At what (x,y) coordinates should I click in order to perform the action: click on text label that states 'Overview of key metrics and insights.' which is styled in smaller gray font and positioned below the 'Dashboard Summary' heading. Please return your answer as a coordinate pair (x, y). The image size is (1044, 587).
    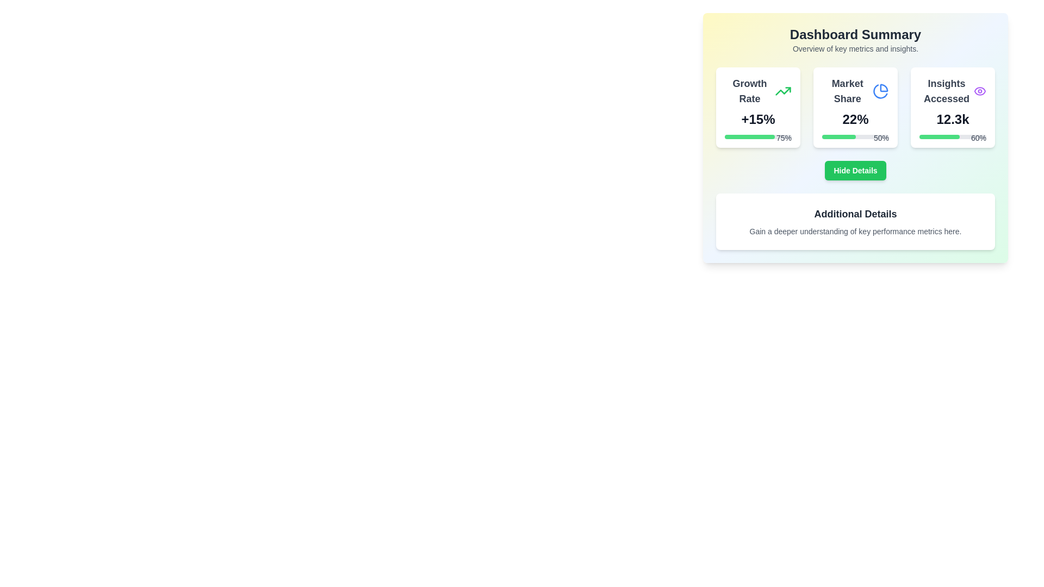
    Looking at the image, I should click on (855, 48).